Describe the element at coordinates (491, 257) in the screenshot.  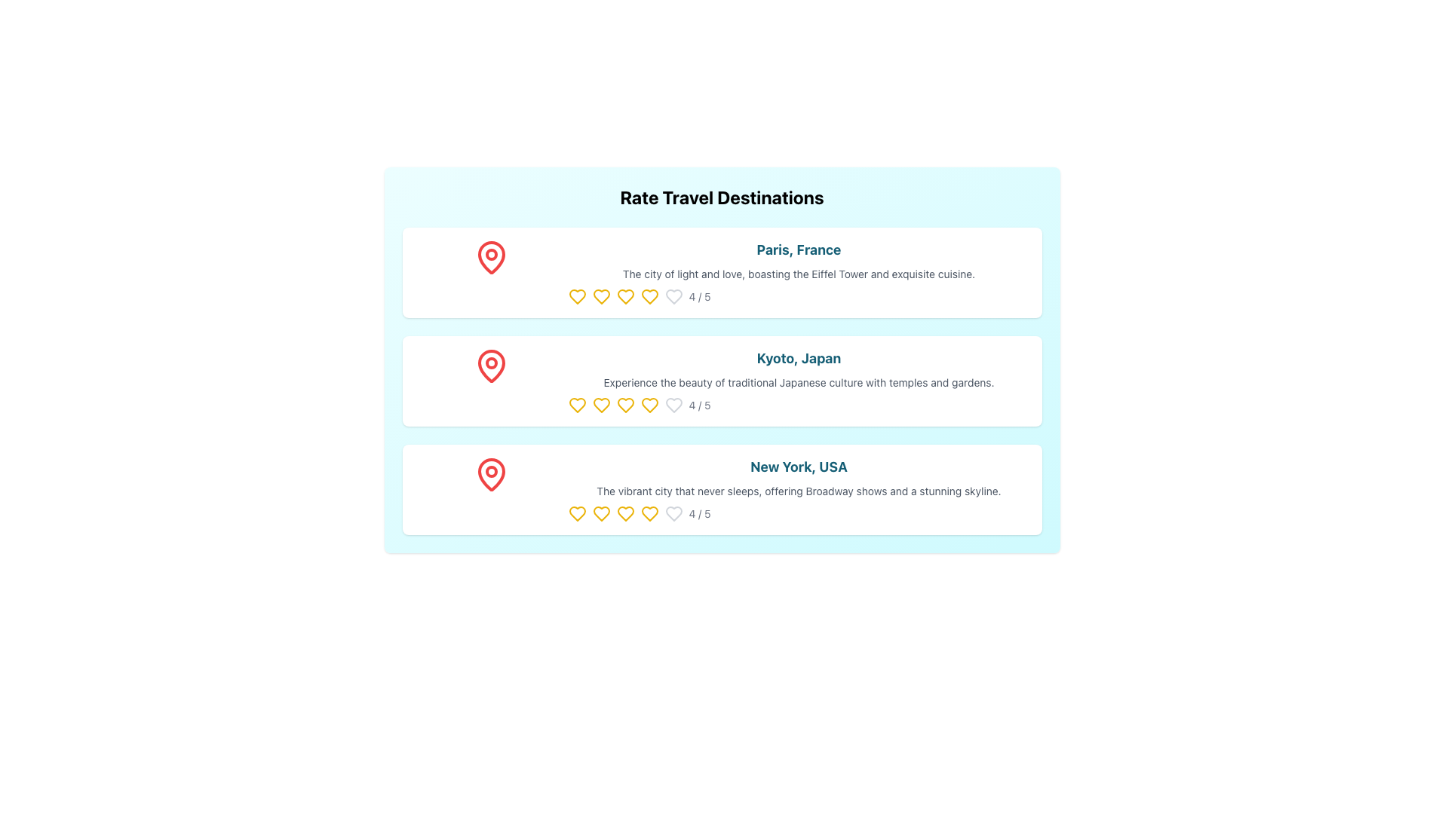
I see `the SVG Icon representing a location in the first travel destination card, positioned to the left of the card with the text 'Paris, France'` at that location.